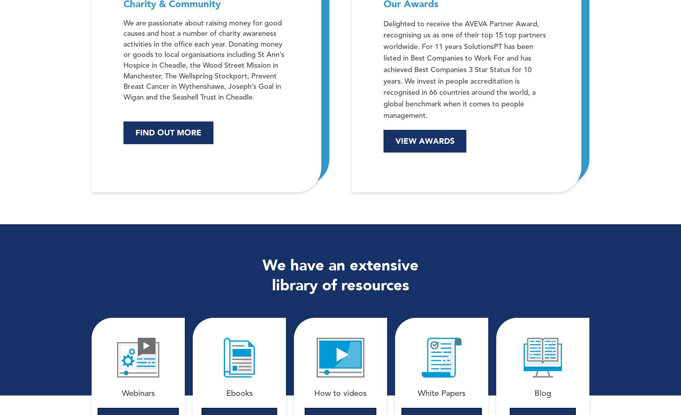  Describe the element at coordinates (137, 393) in the screenshot. I see `'Webinars'` at that location.